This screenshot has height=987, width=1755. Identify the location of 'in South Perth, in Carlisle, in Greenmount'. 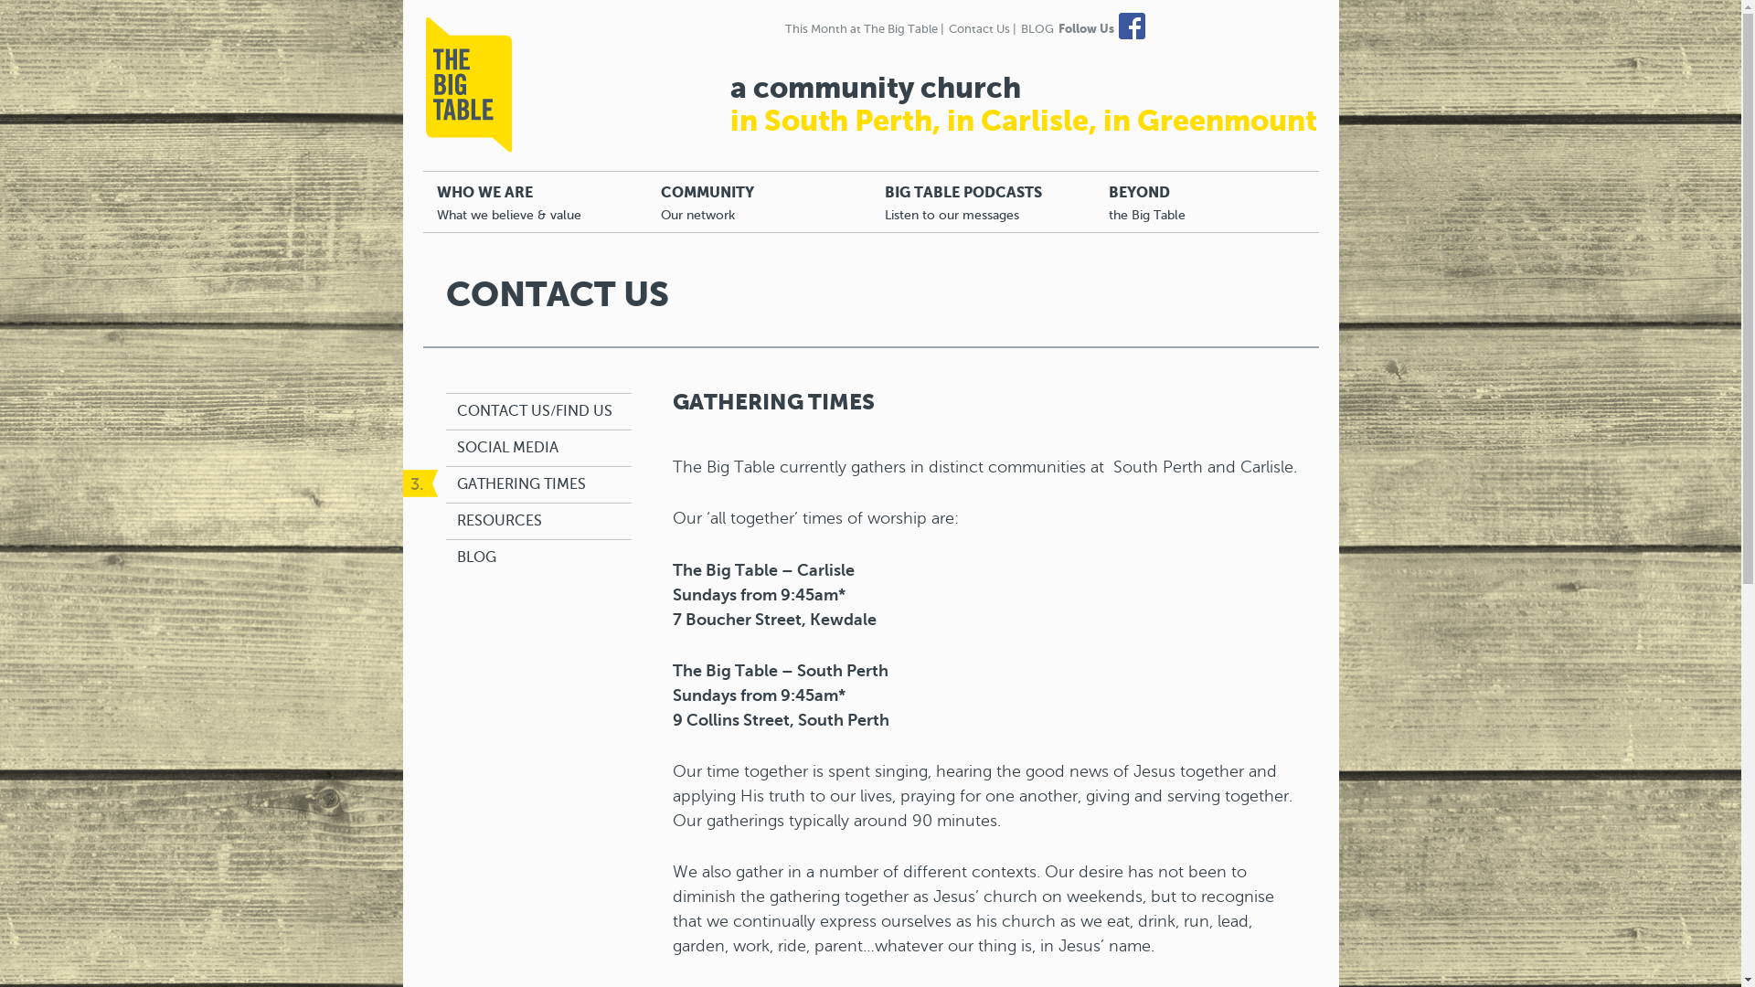
(1021, 120).